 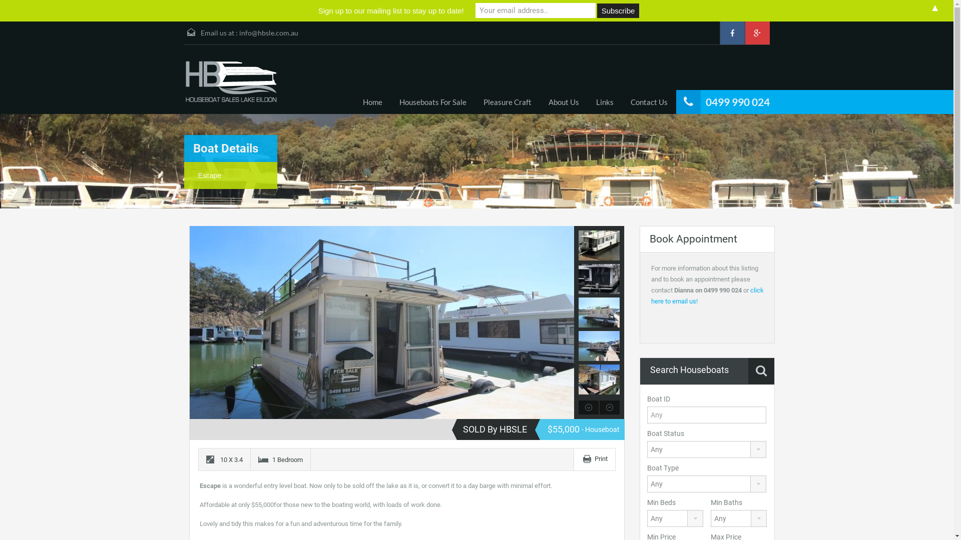 What do you see at coordinates (617, 10) in the screenshot?
I see `'Subscribe'` at bounding box center [617, 10].